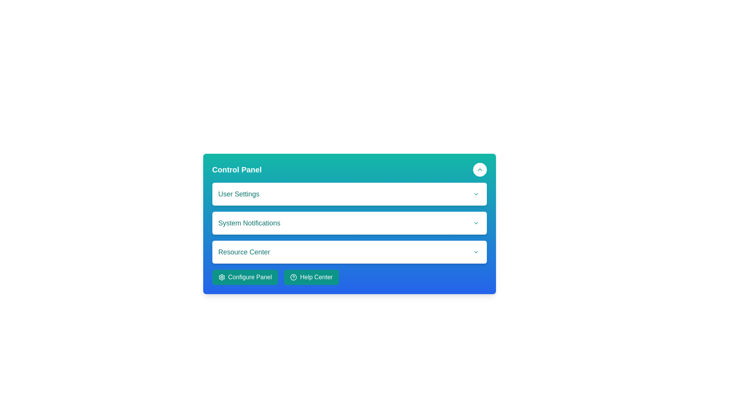 The image size is (732, 412). Describe the element at coordinates (349, 252) in the screenshot. I see `the 'Resource Center' menu item located as the third option in the vertical menu, positioned below 'System Notifications' and above 'Configure Panel'` at that location.